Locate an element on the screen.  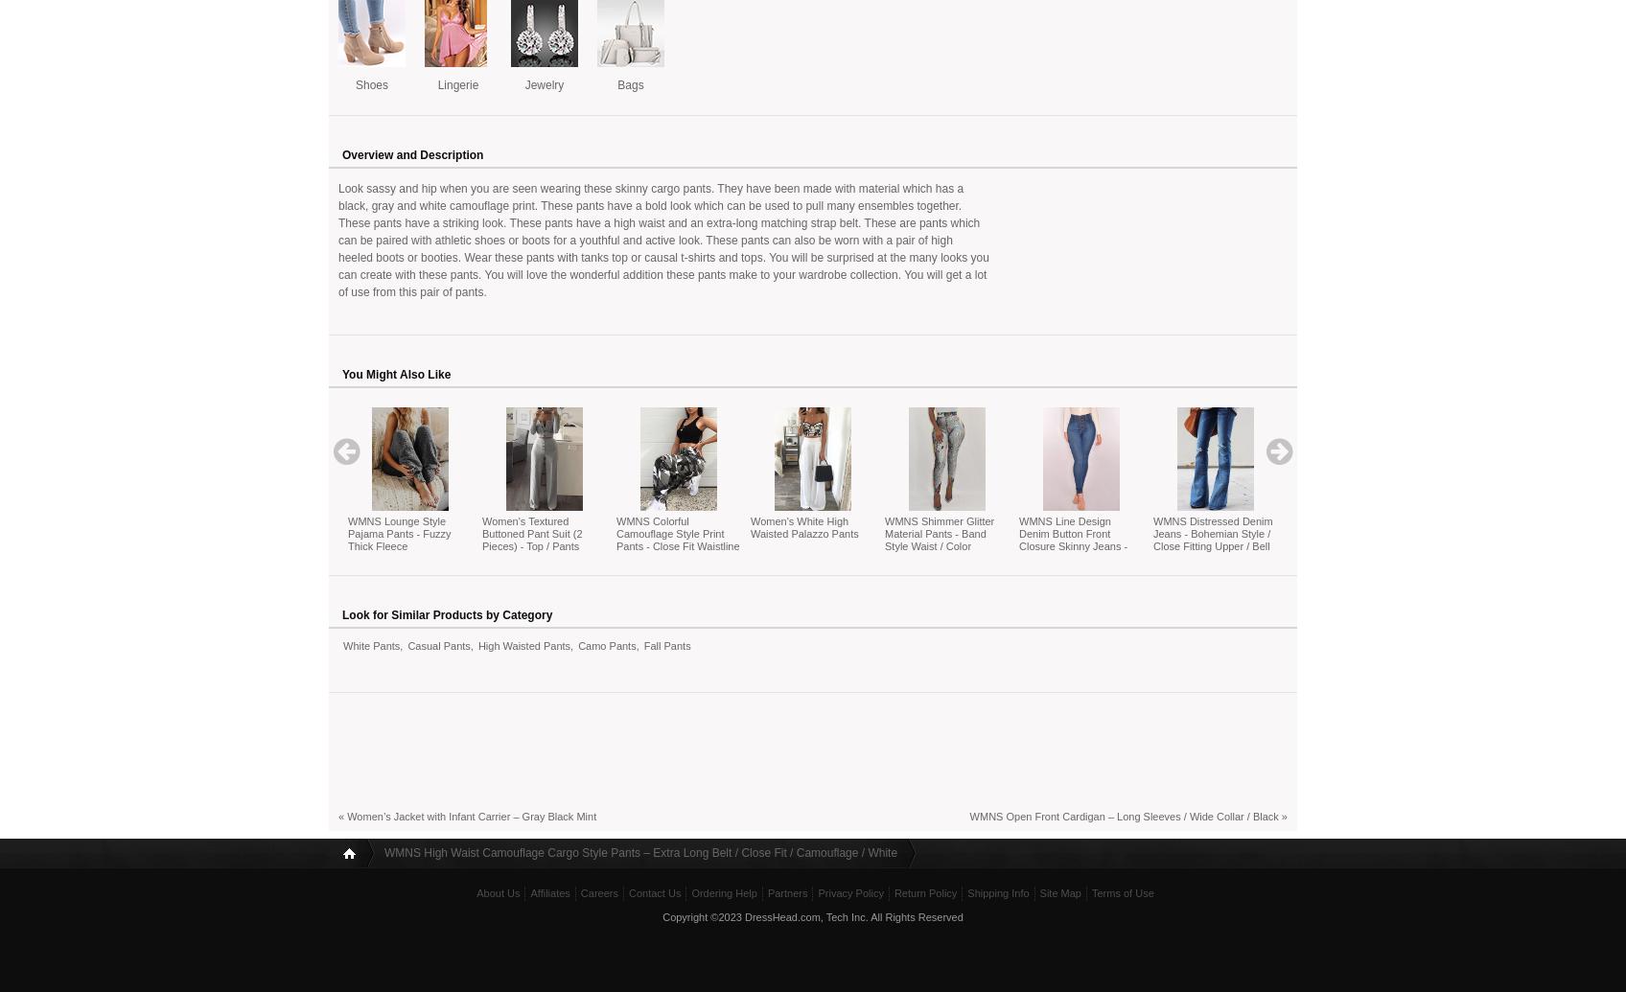
'Site Map' is located at coordinates (1058, 892).